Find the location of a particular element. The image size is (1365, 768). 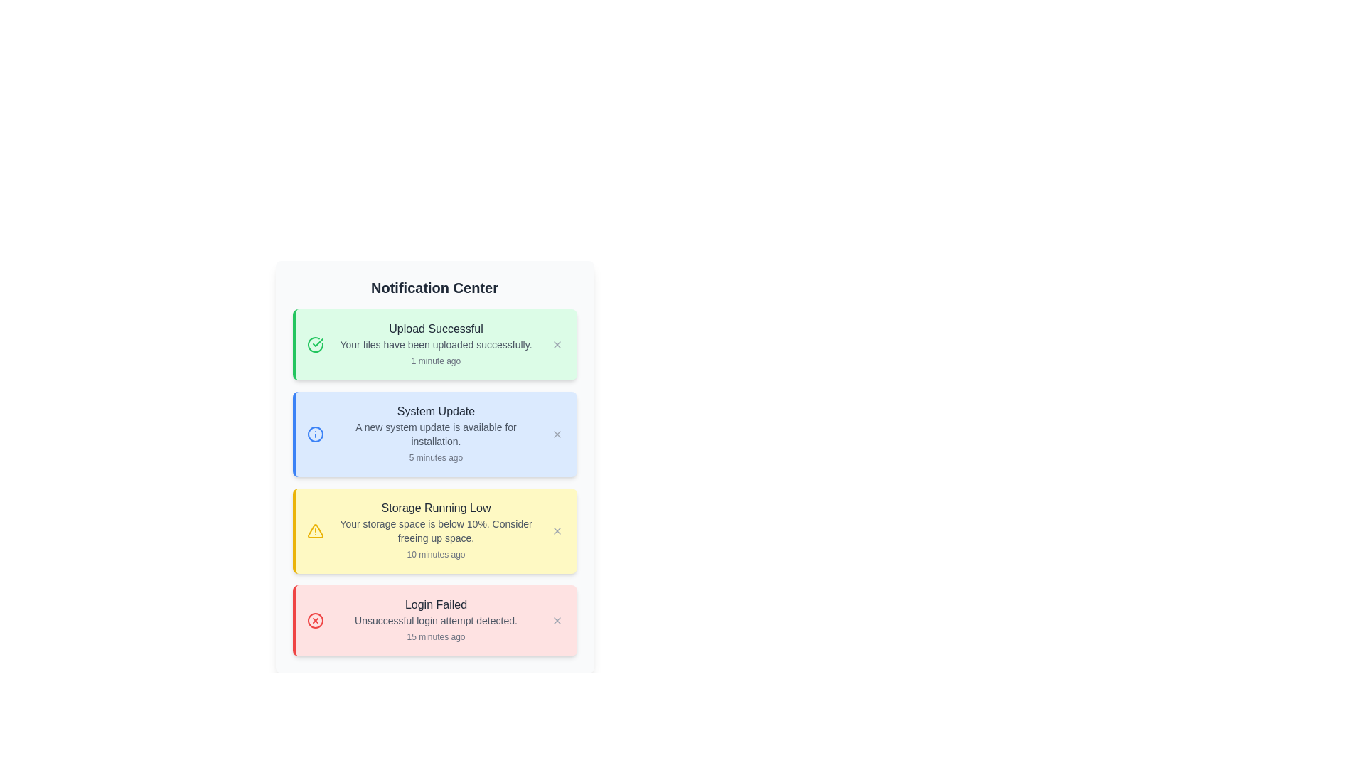

the circular graphical component of the information icon in the second notification card titled 'System Update' within the notification panel is located at coordinates (314, 433).